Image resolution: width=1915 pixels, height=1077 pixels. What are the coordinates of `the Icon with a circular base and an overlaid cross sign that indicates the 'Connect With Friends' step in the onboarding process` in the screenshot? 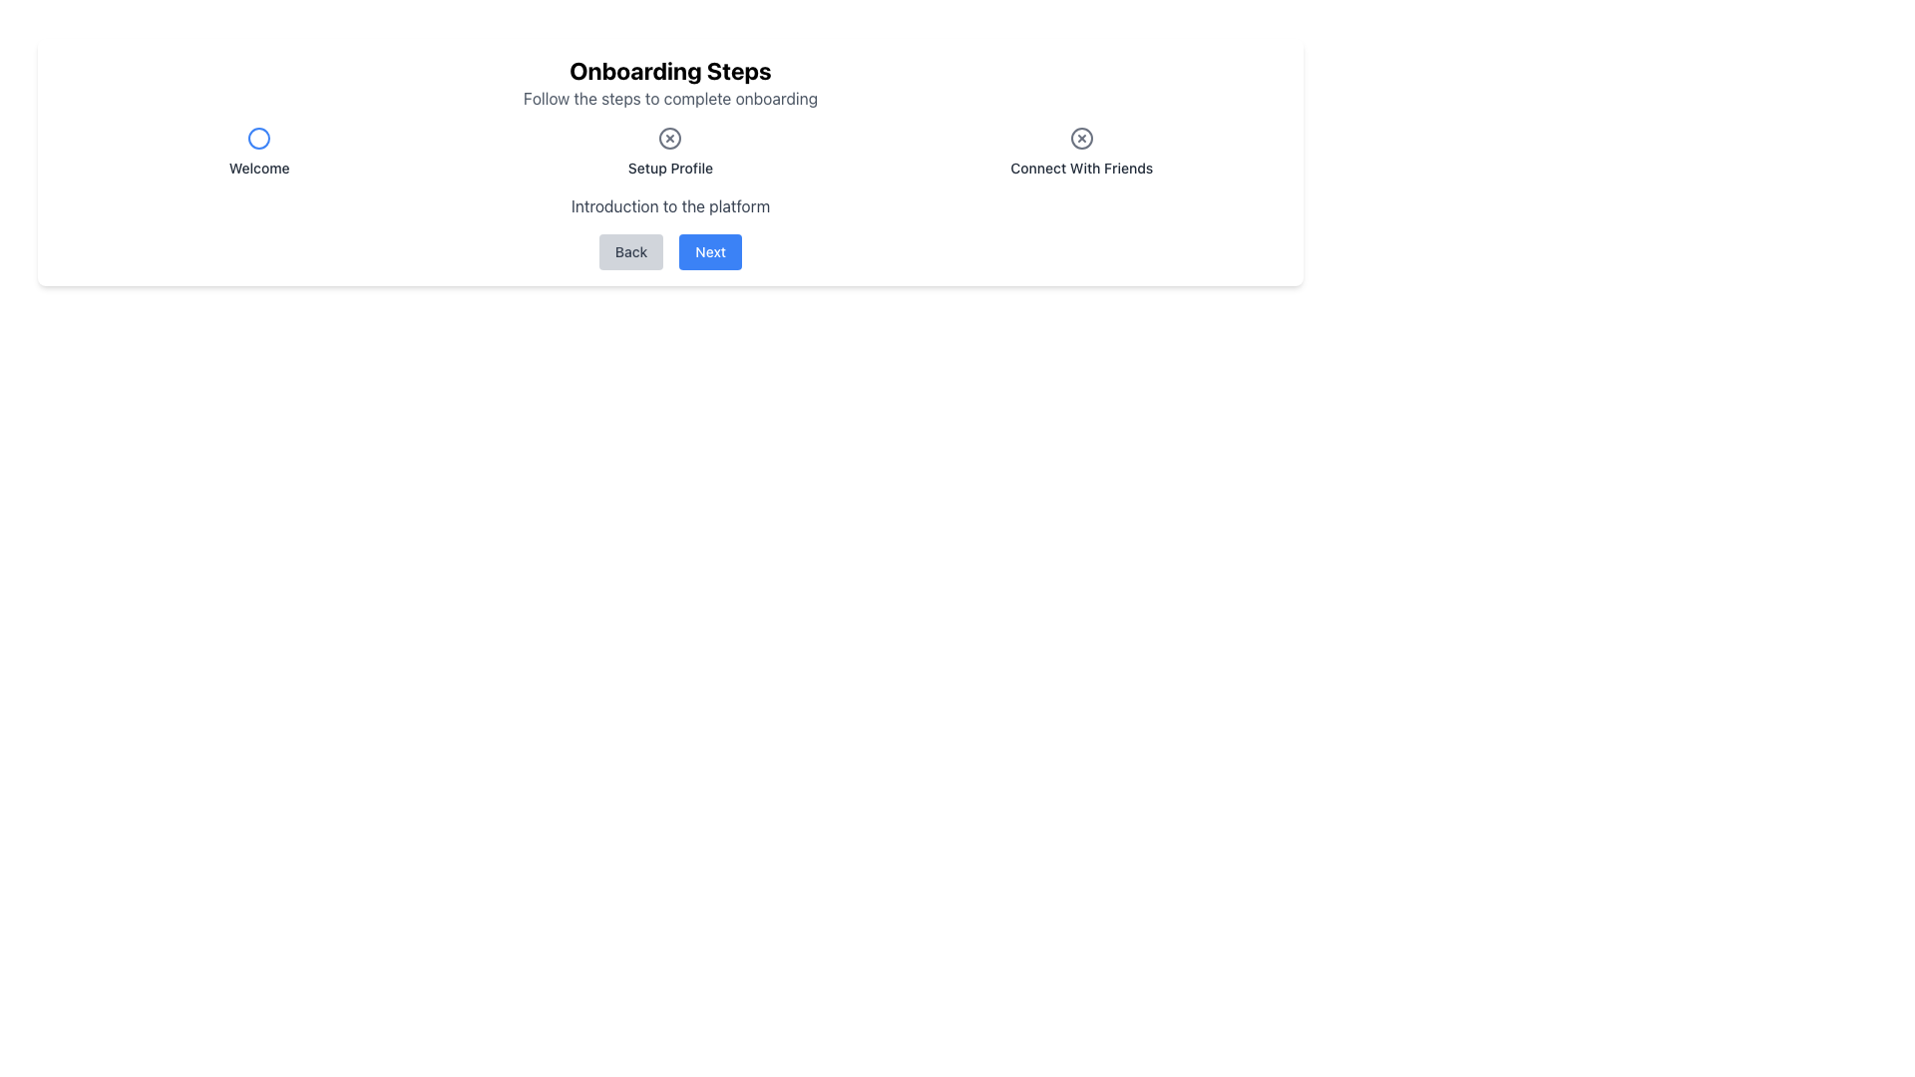 It's located at (1080, 137).